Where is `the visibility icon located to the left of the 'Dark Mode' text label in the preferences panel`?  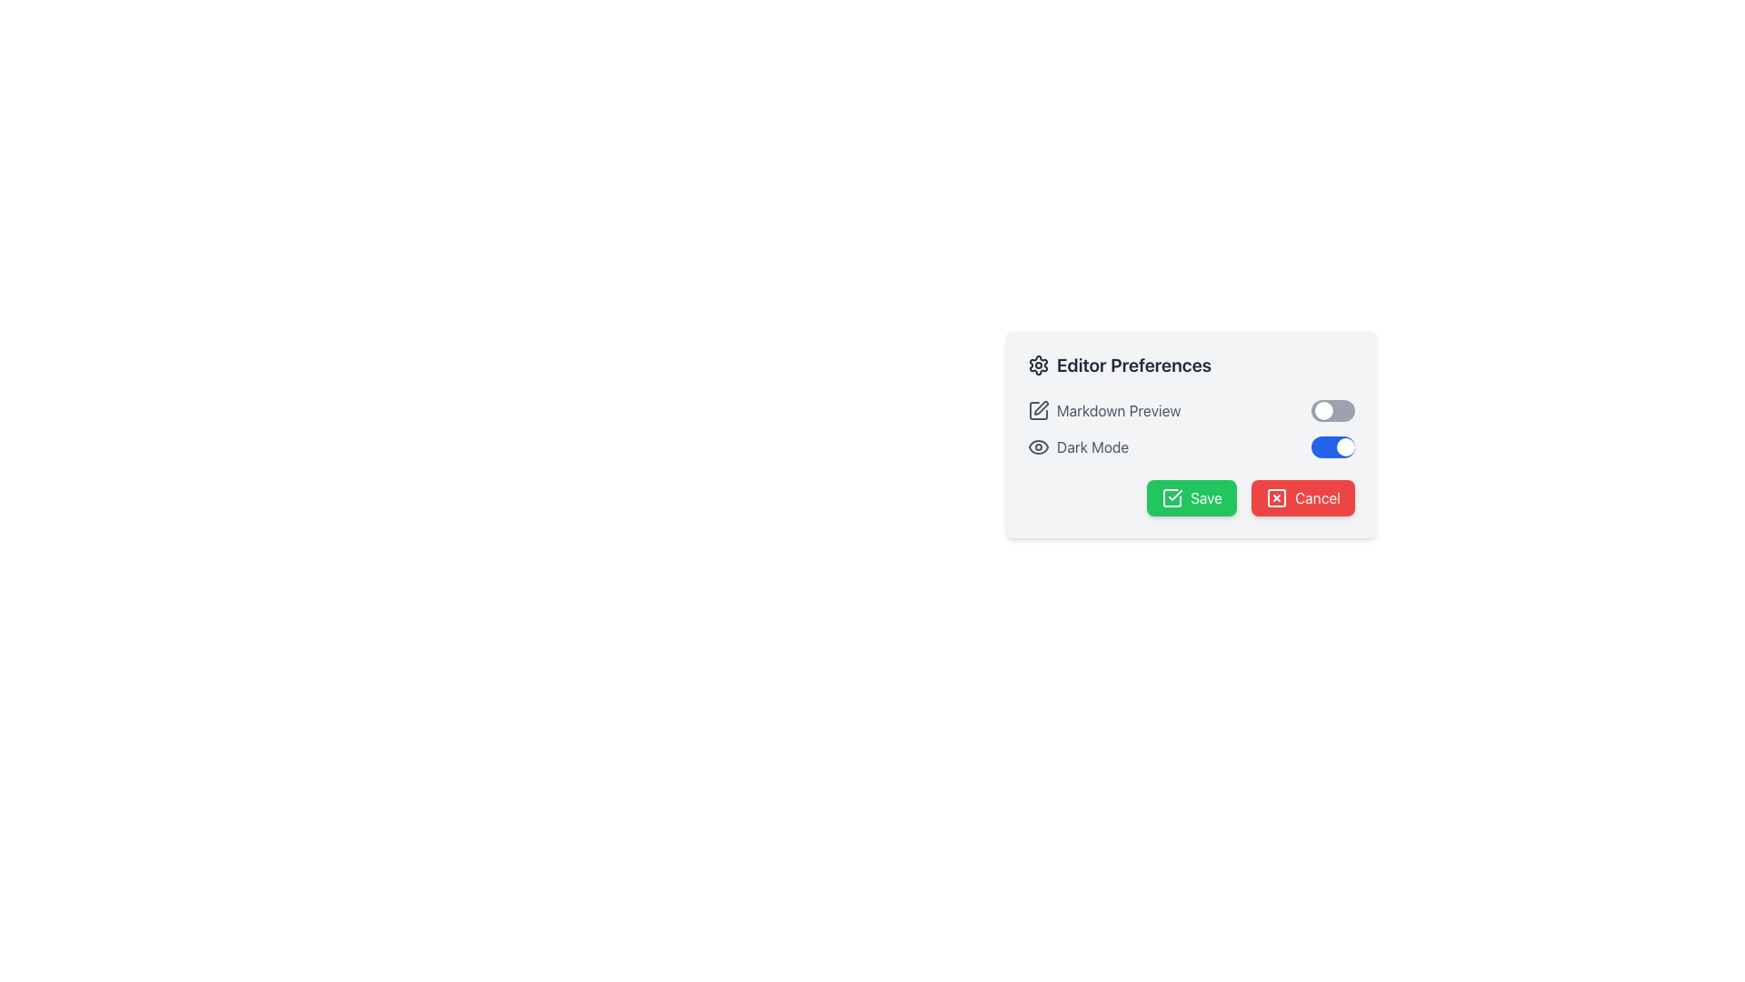
the visibility icon located to the left of the 'Dark Mode' text label in the preferences panel is located at coordinates (1038, 447).